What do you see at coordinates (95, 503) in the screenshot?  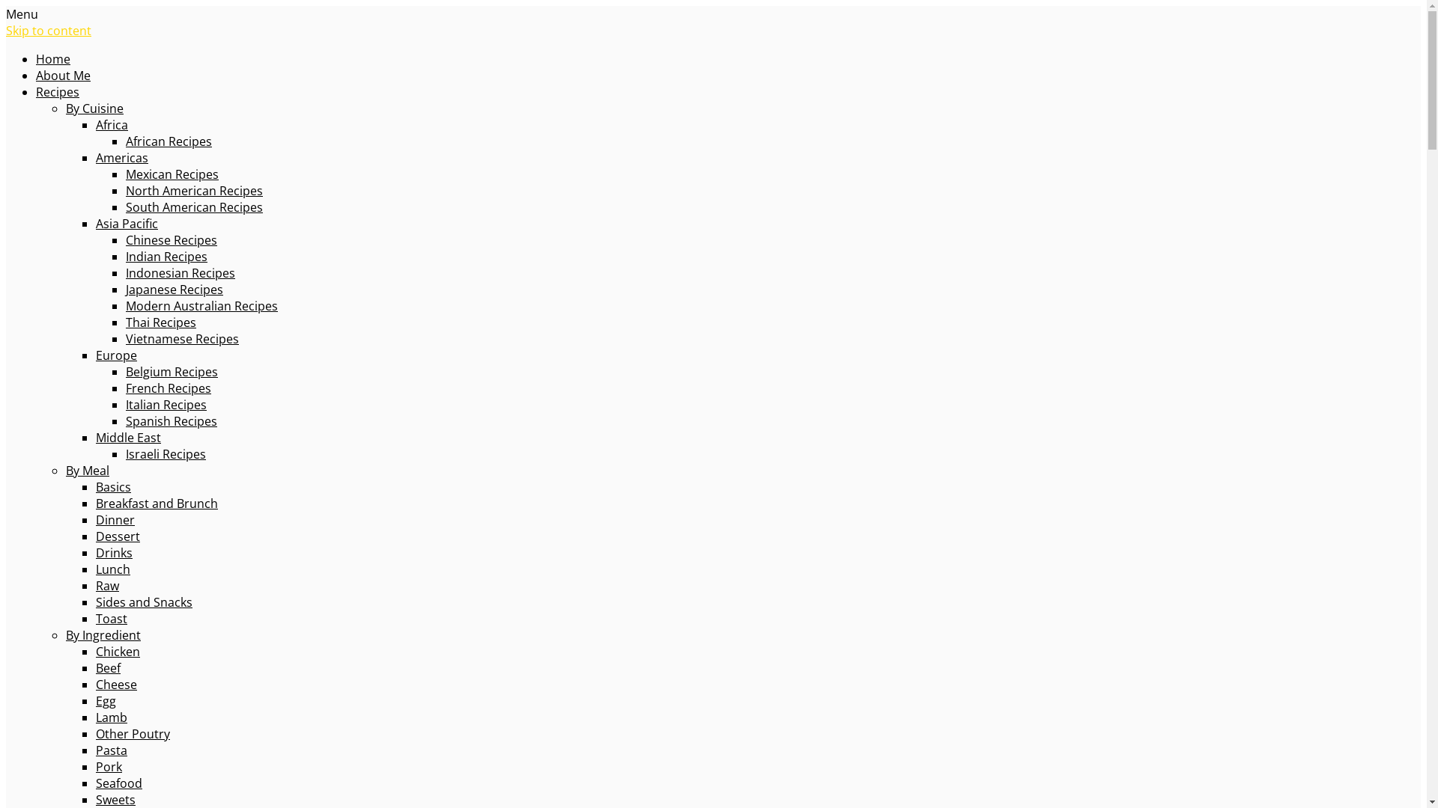 I see `'Breakfast and Brunch'` at bounding box center [95, 503].